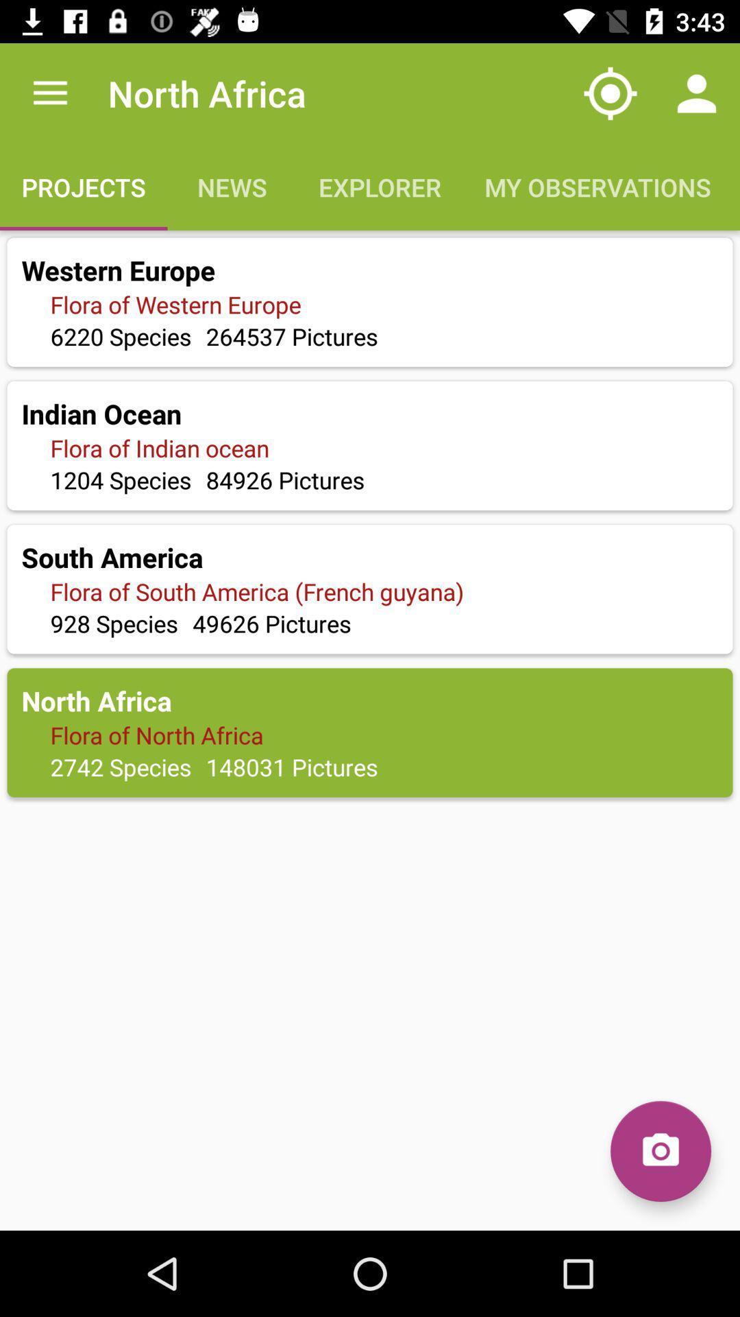  Describe the element at coordinates (232, 187) in the screenshot. I see `the text news` at that location.